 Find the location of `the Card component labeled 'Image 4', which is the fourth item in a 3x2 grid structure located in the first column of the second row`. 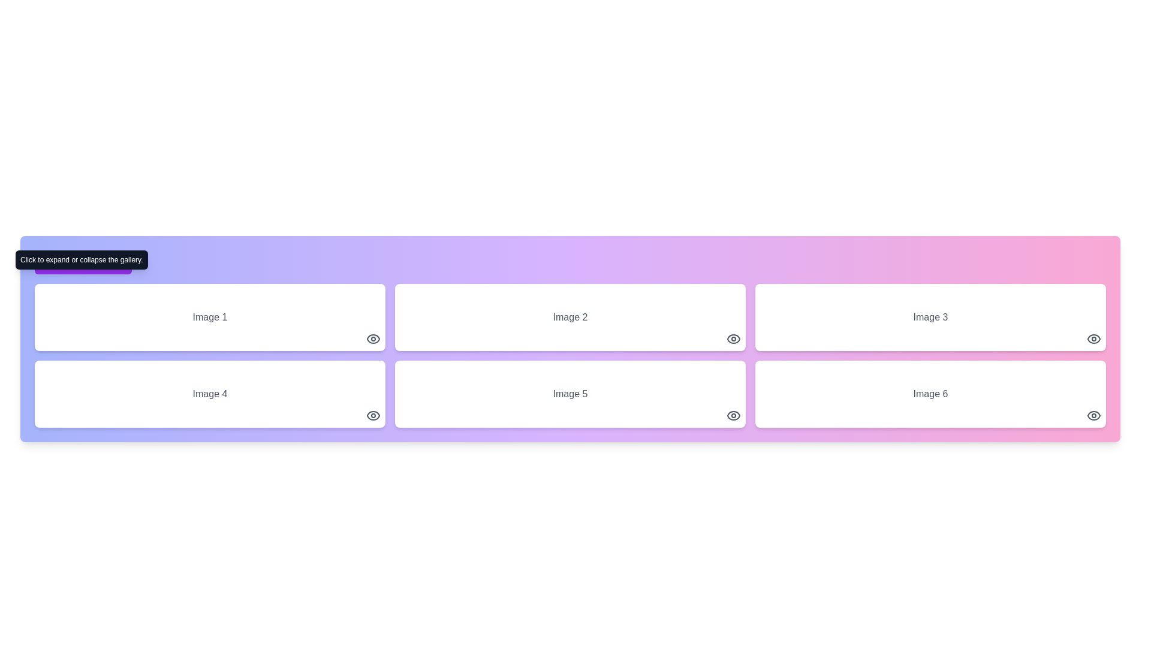

the Card component labeled 'Image 4', which is the fourth item in a 3x2 grid structure located in the first column of the second row is located at coordinates (210, 394).